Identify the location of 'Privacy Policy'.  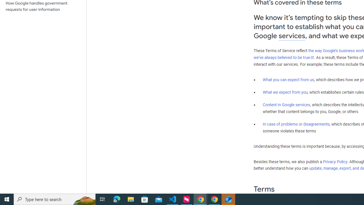
(335, 161).